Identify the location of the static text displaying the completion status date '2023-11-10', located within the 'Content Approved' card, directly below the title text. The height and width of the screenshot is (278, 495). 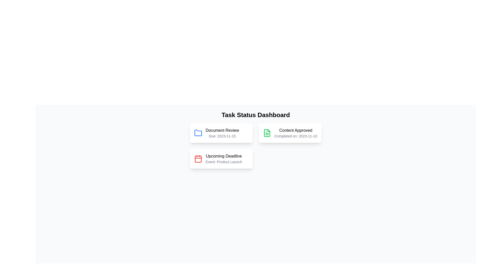
(296, 136).